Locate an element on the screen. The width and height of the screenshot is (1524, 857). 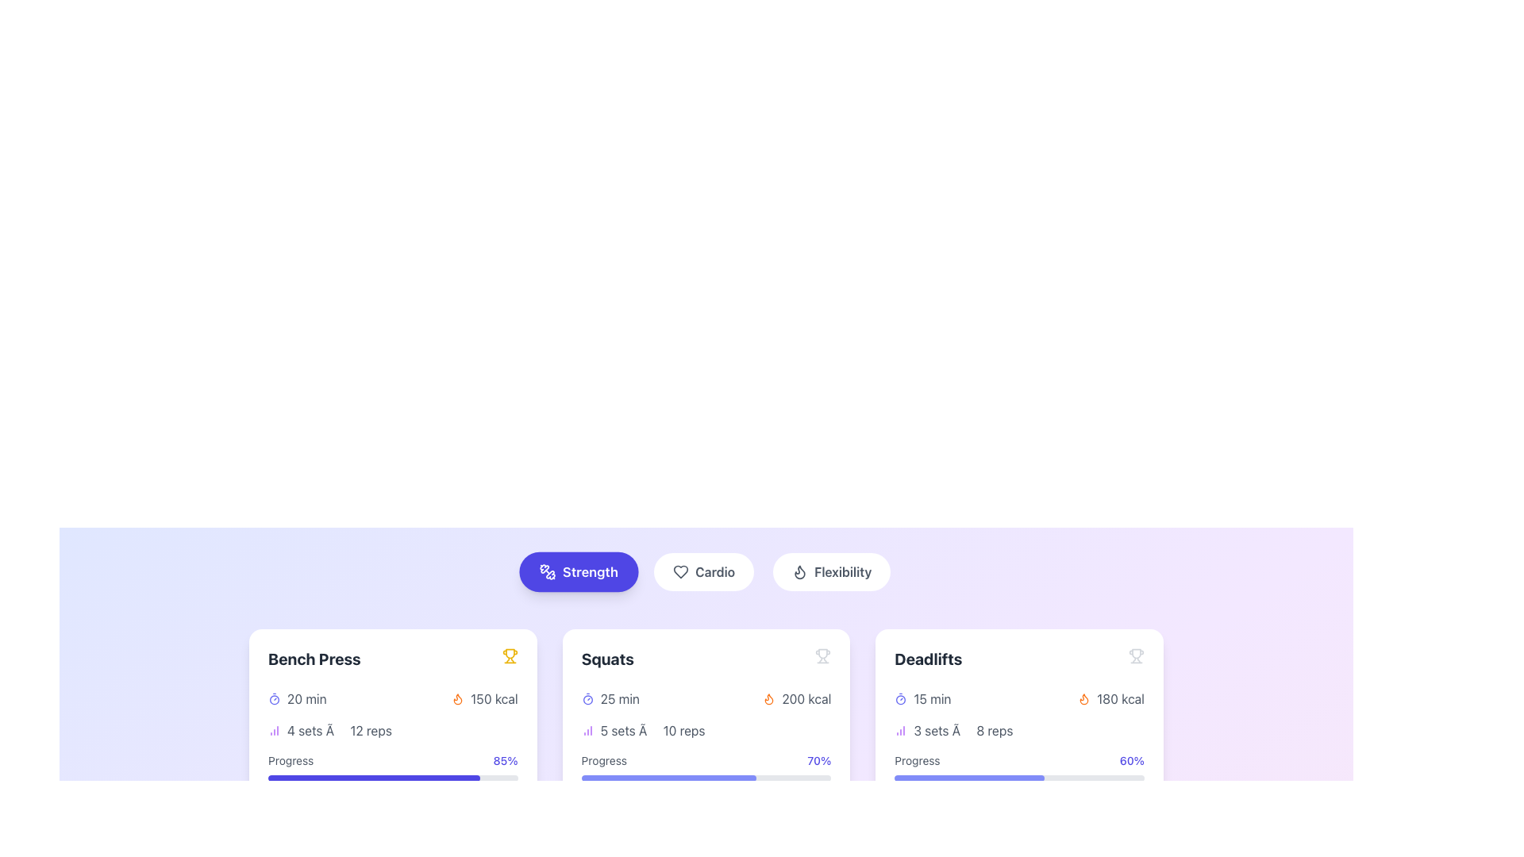
the horizontal progress bar located at the bottom of the 'Bench Press' card, which is filled with purple color indicating 85% progress is located at coordinates (393, 777).